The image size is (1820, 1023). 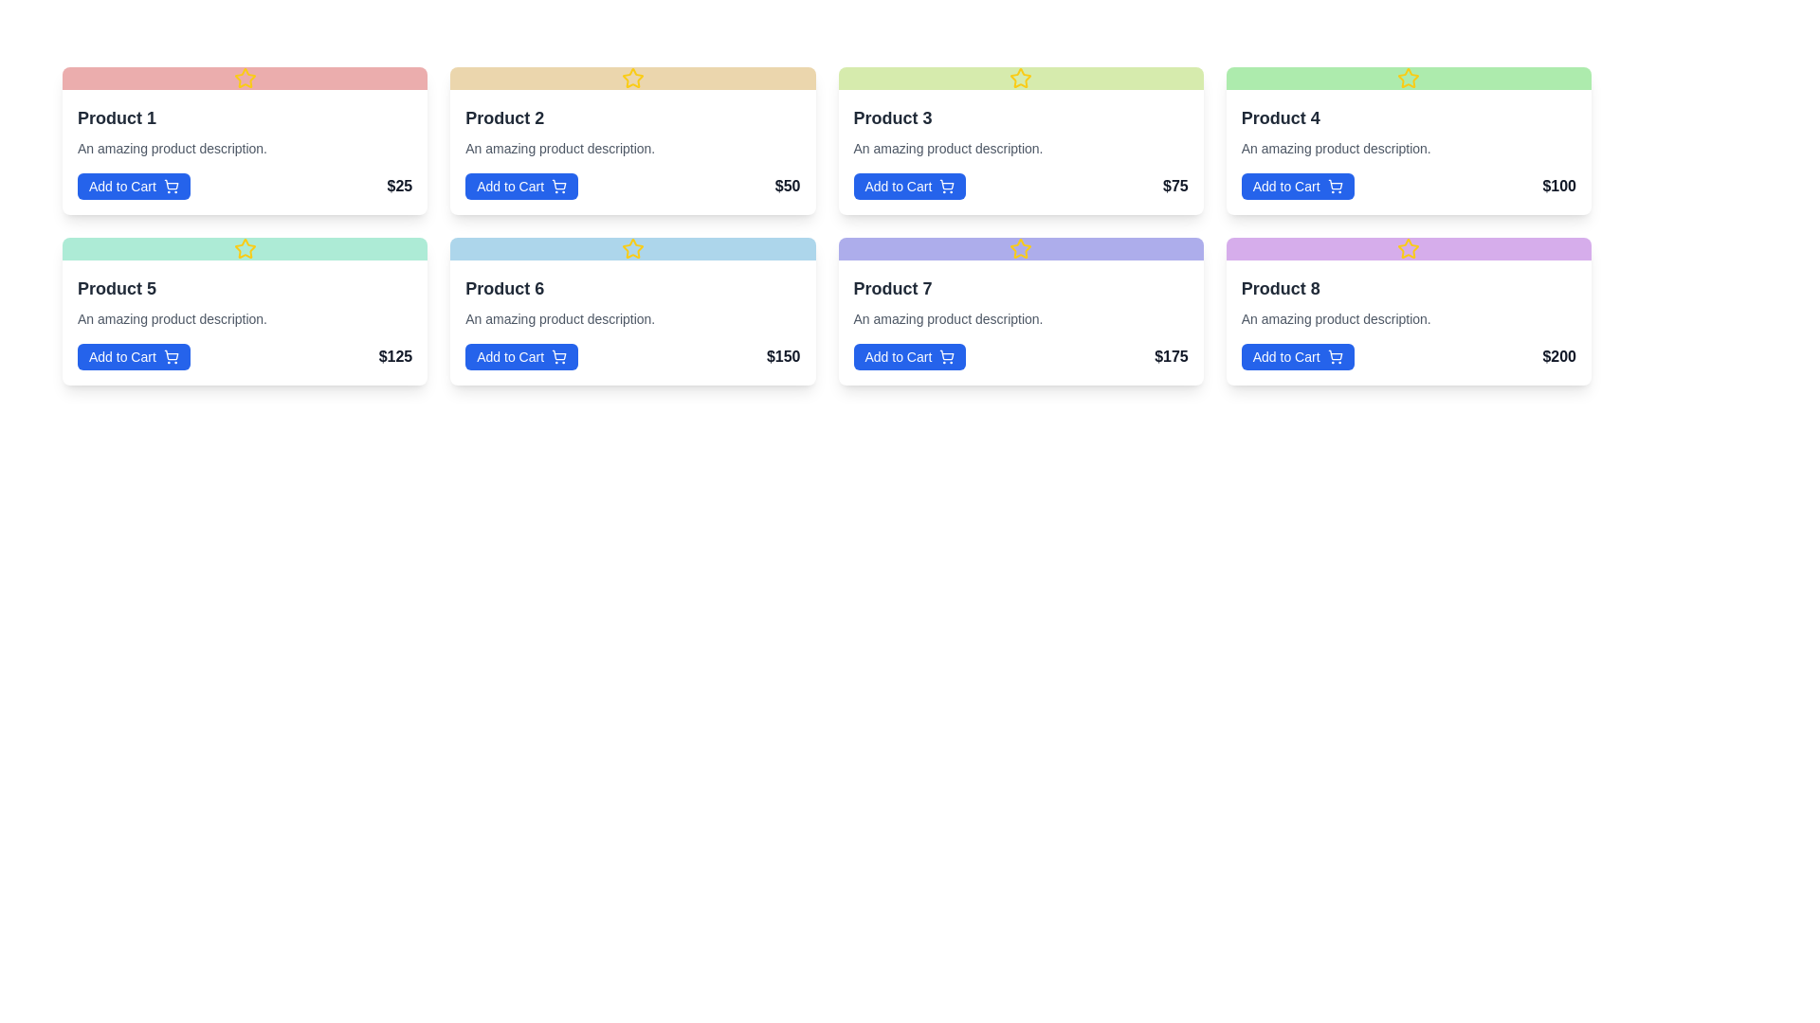 What do you see at coordinates (1409, 247) in the screenshot?
I see `the star icon` at bounding box center [1409, 247].